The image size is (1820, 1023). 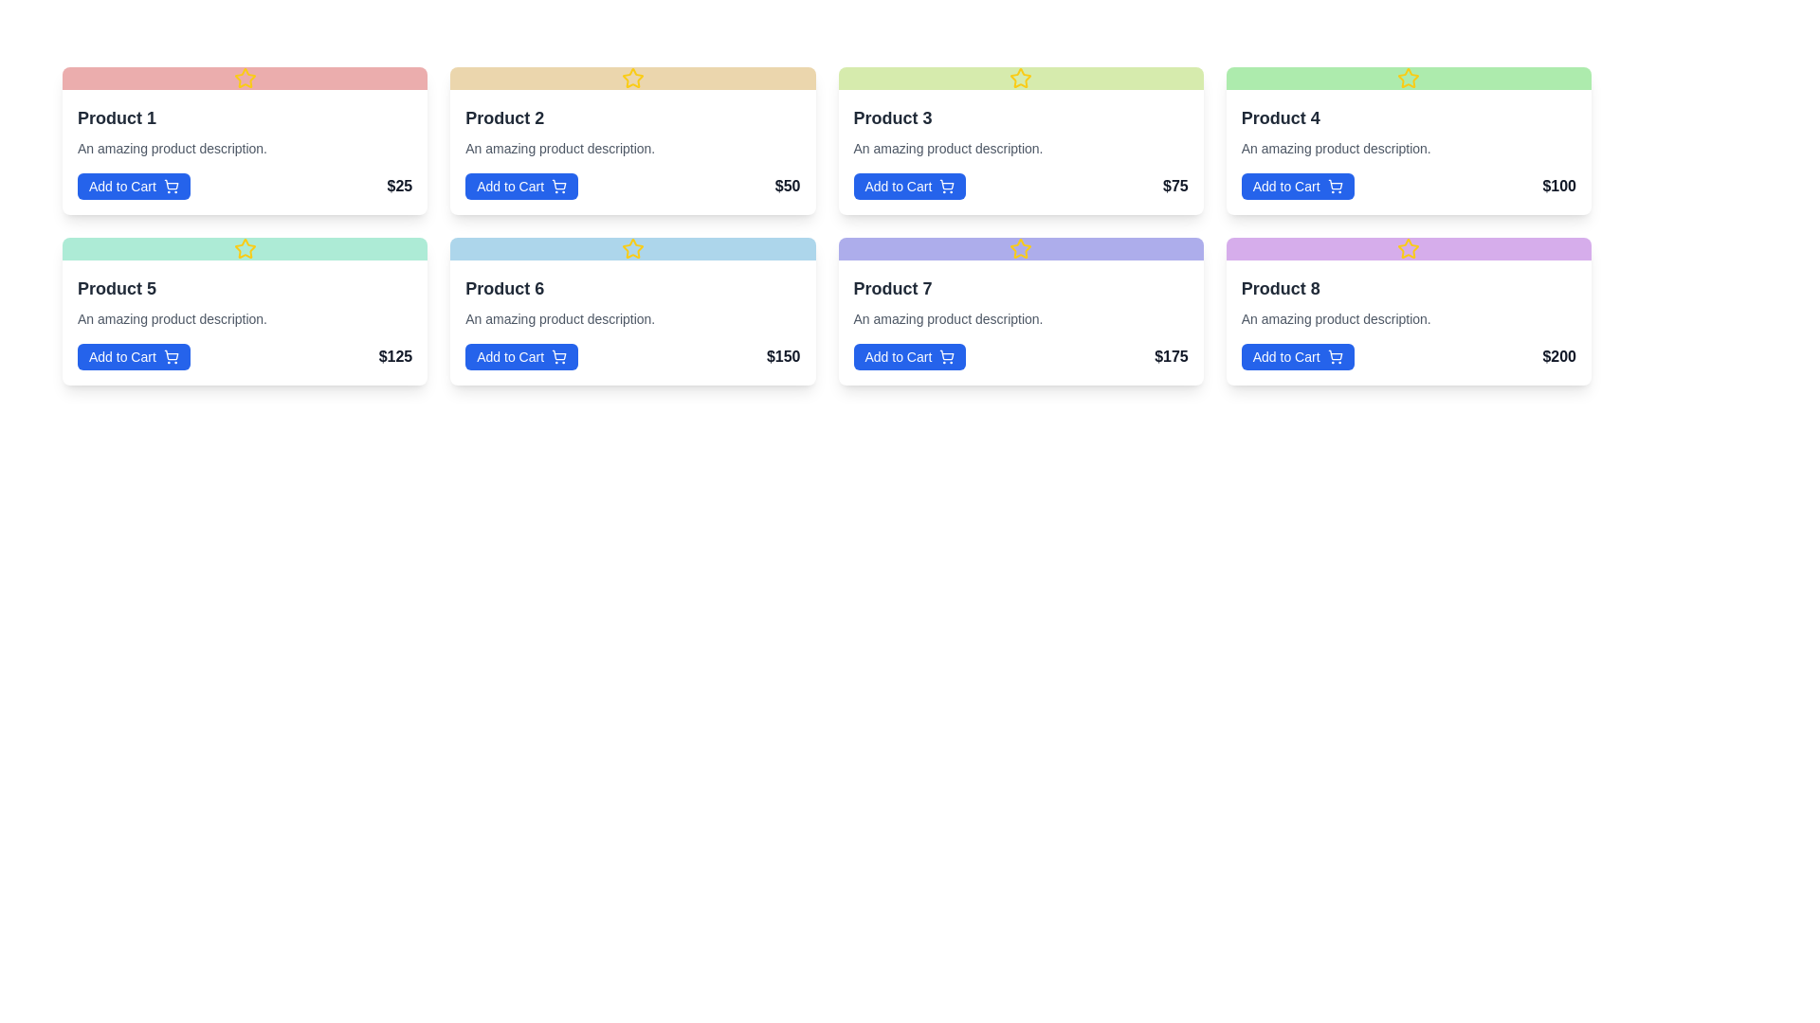 What do you see at coordinates (1409, 247) in the screenshot?
I see `the star icon` at bounding box center [1409, 247].